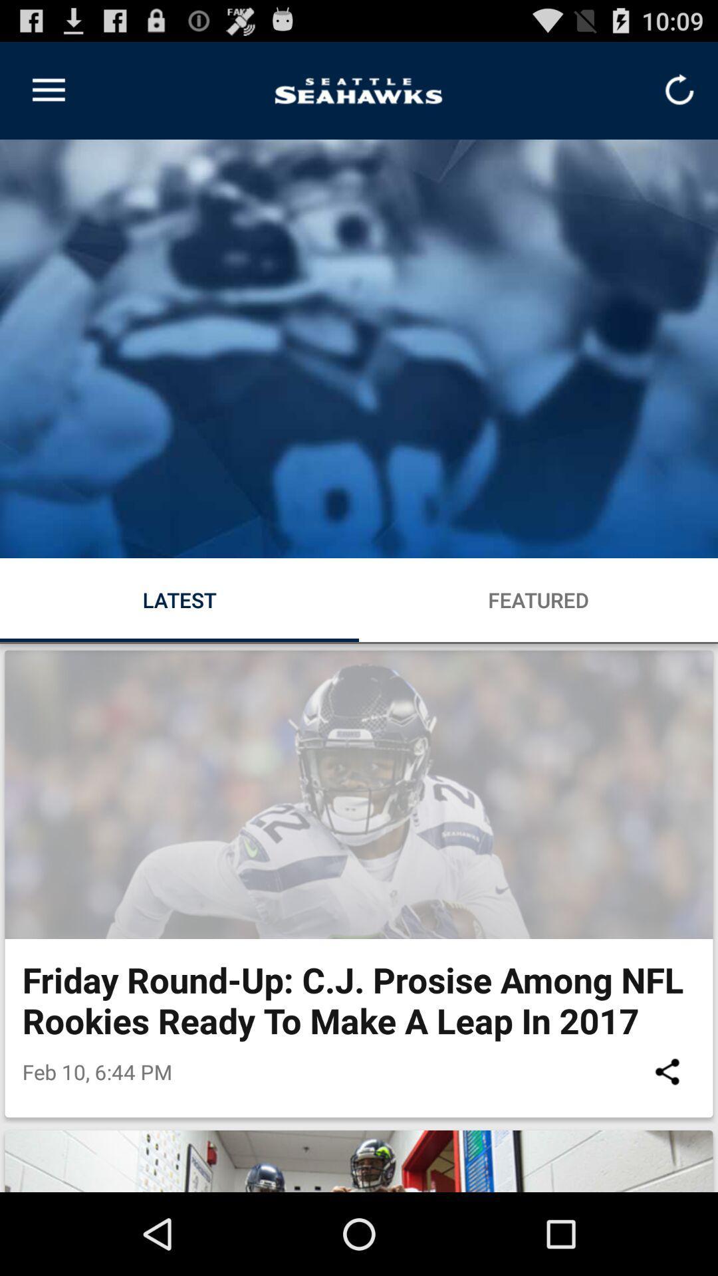  Describe the element at coordinates (48, 90) in the screenshot. I see `icon at the top left corner` at that location.